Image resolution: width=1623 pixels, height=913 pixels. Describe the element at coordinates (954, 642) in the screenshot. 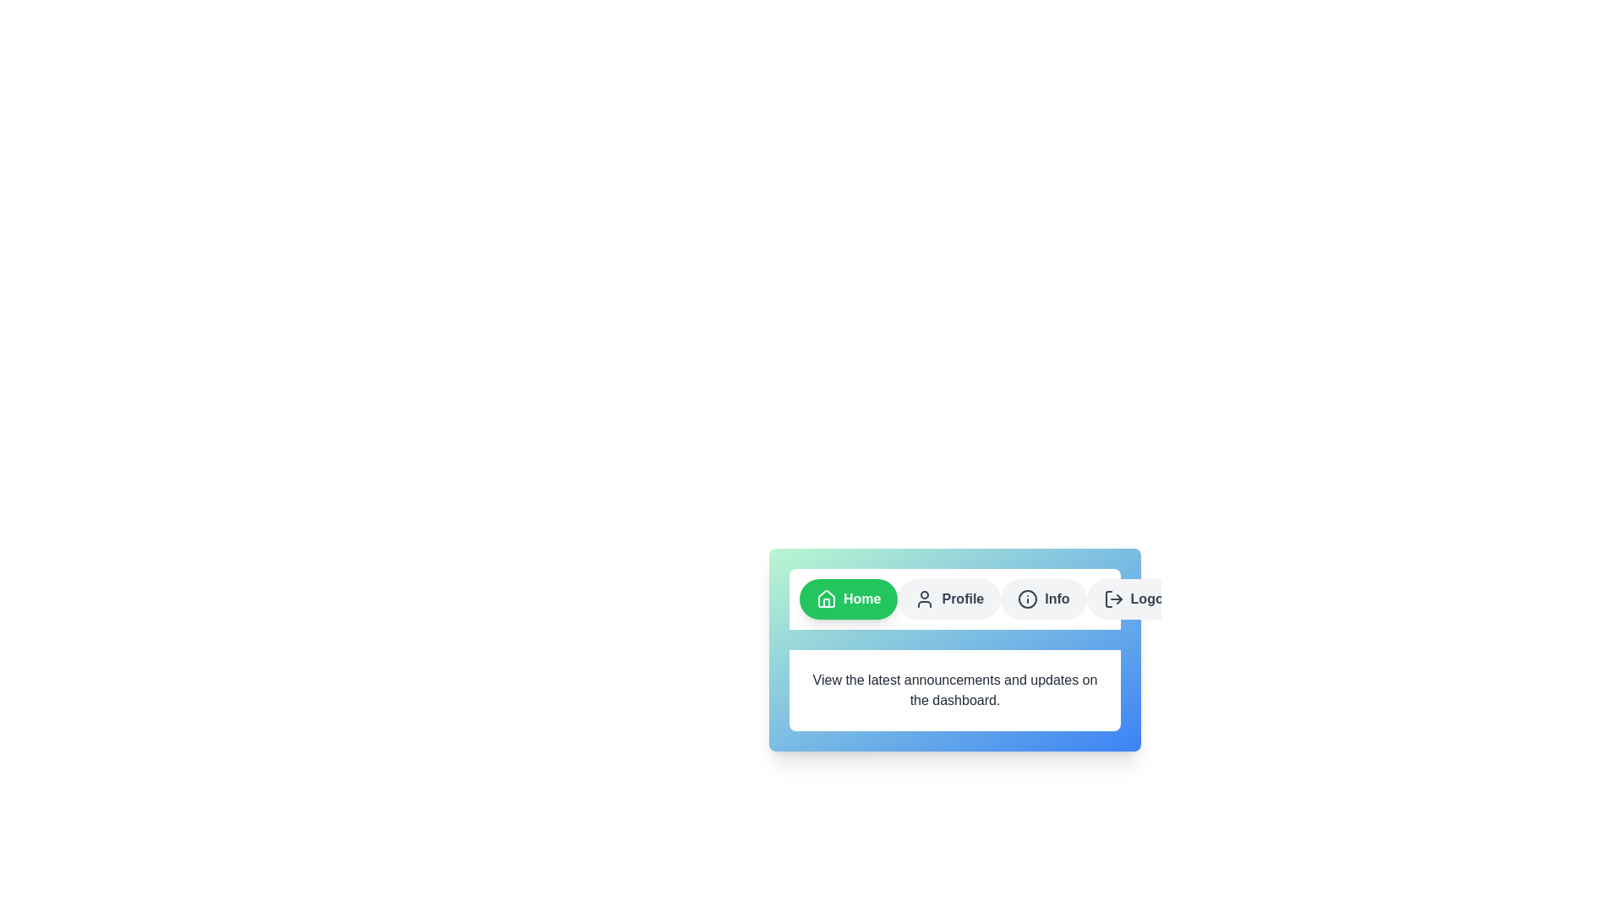

I see `the Informational text box located below the navigation bar, which displays important updates and announcements` at that location.